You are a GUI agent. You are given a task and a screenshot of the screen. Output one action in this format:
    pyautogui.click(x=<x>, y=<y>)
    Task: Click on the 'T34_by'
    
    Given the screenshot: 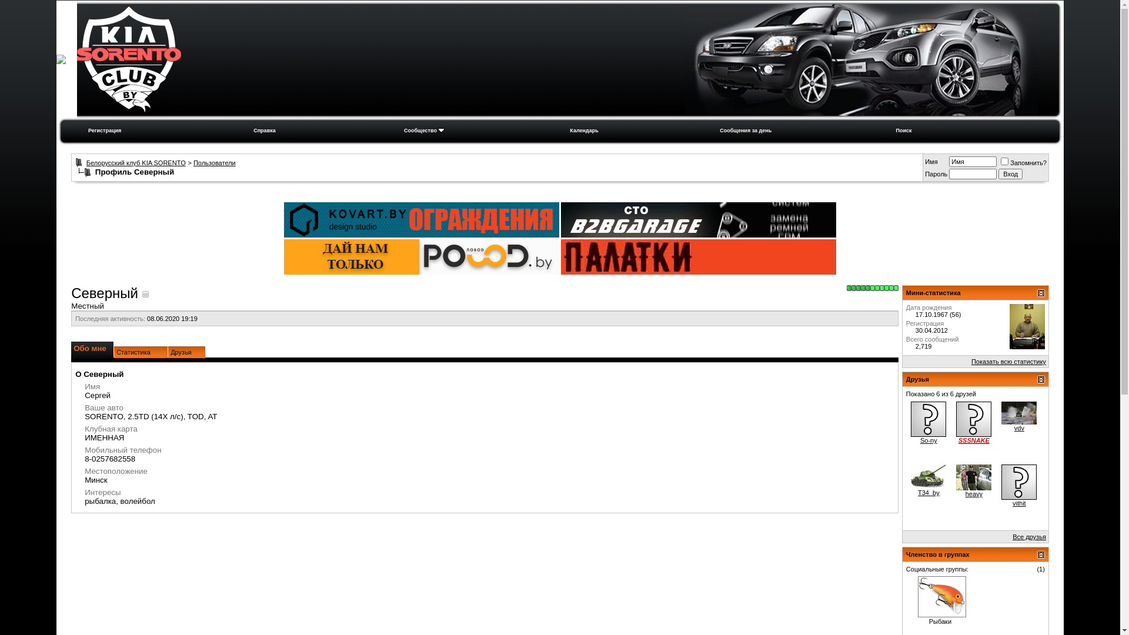 What is the action you would take?
    pyautogui.click(x=928, y=492)
    